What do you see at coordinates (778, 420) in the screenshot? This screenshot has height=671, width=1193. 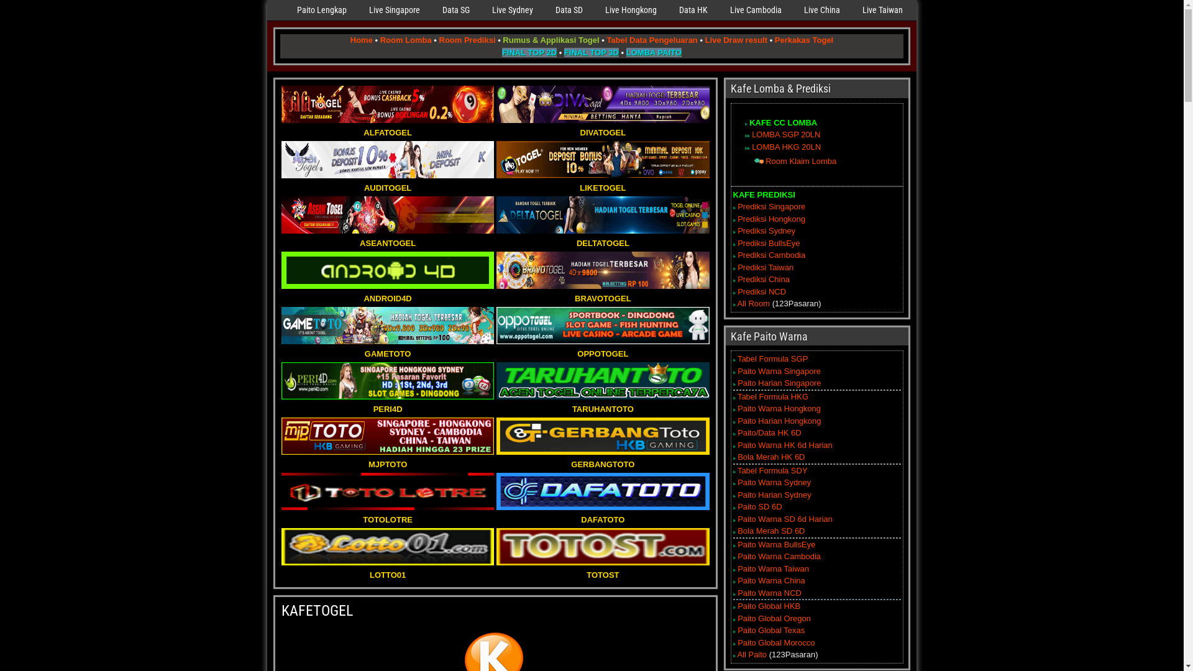 I see `'Paito Harian Hongkong'` at bounding box center [778, 420].